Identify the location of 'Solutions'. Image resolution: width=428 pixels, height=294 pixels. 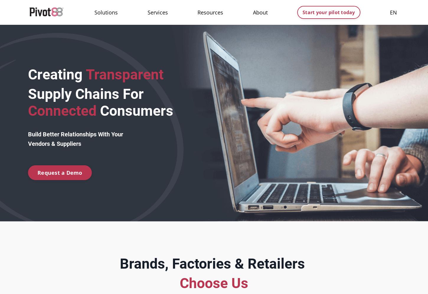
(106, 12).